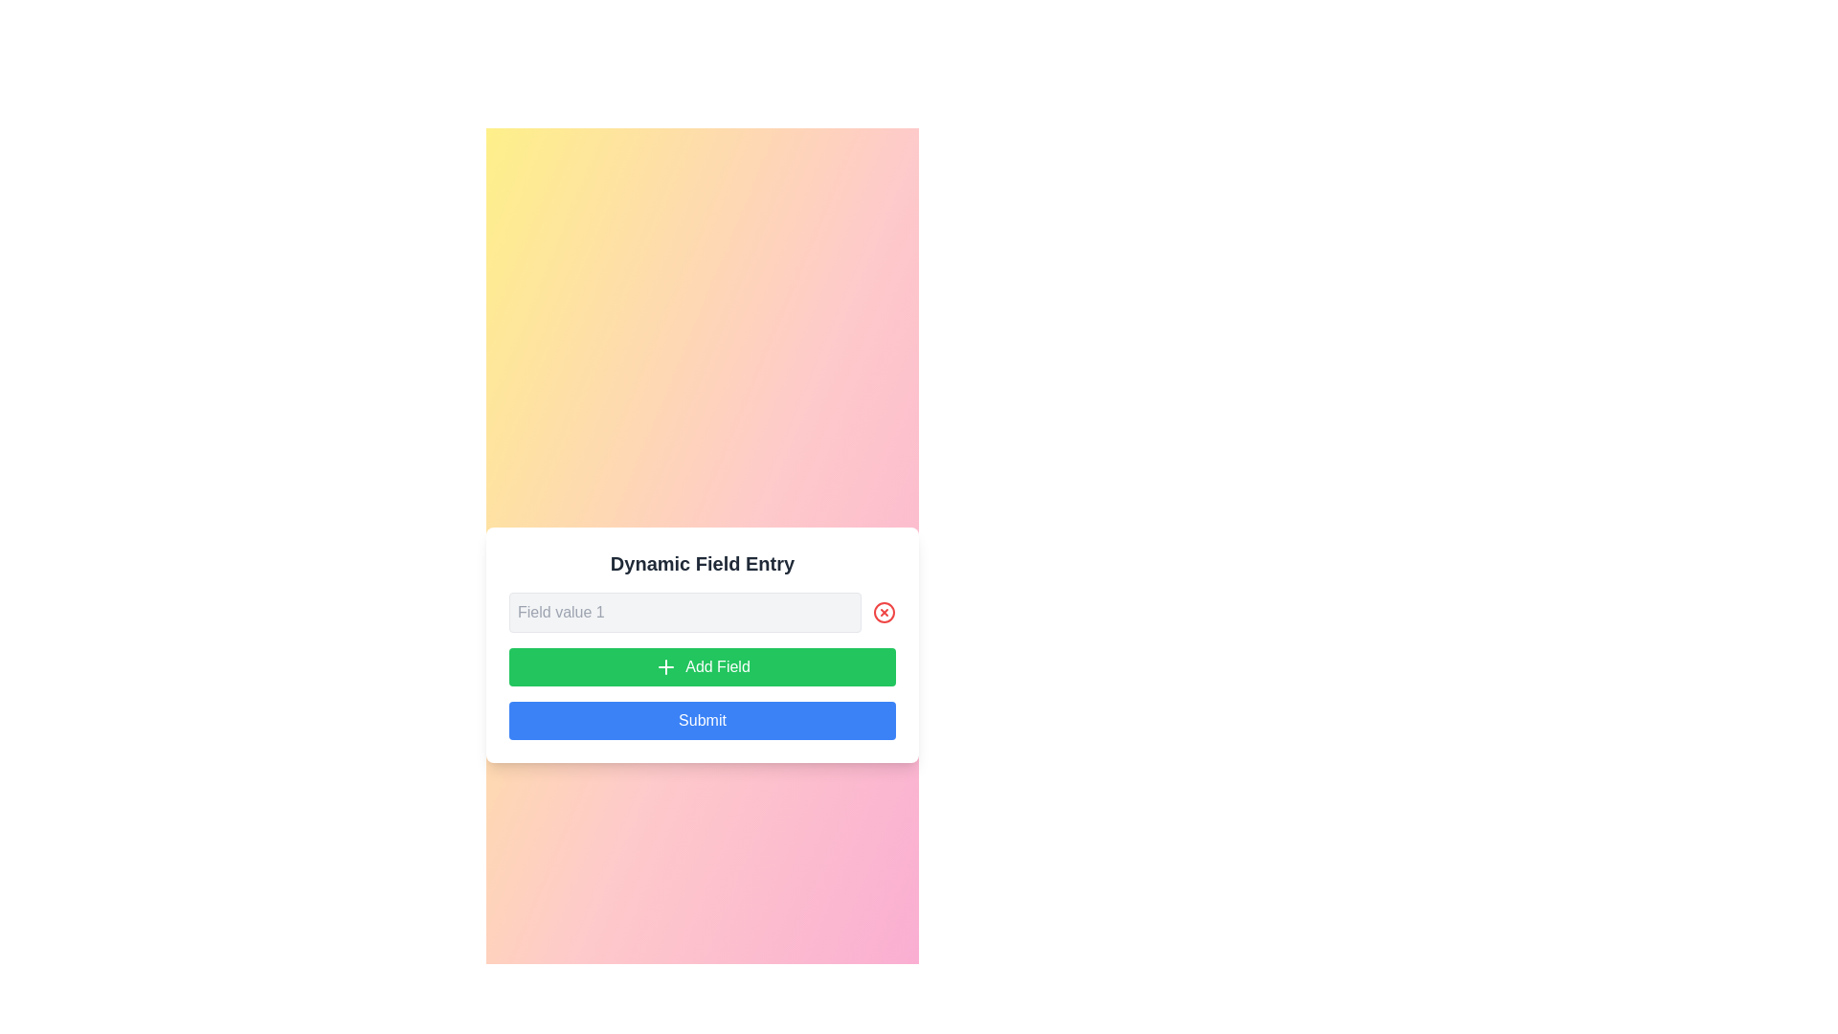 The image size is (1838, 1034). What do you see at coordinates (702, 666) in the screenshot?
I see `the 'Add Field' button with a green background and white text, located just above the 'Submit' button` at bounding box center [702, 666].